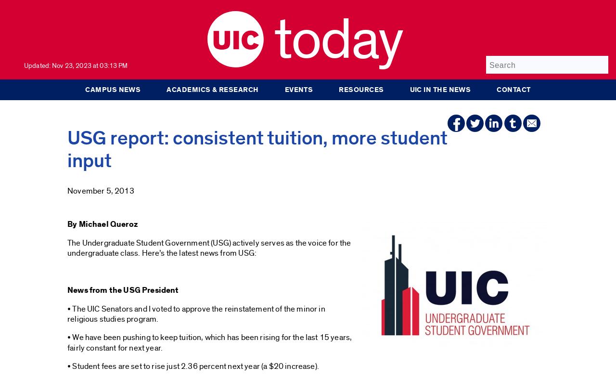 The width and height of the screenshot is (616, 379). Describe the element at coordinates (360, 89) in the screenshot. I see `'Resources'` at that location.